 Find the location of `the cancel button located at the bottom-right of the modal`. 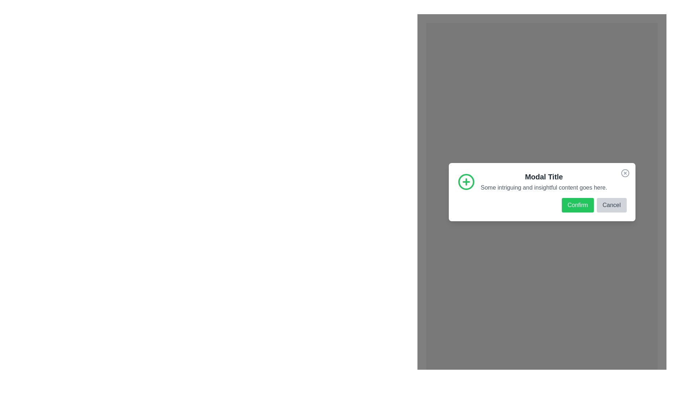

the cancel button located at the bottom-right of the modal is located at coordinates (611, 205).